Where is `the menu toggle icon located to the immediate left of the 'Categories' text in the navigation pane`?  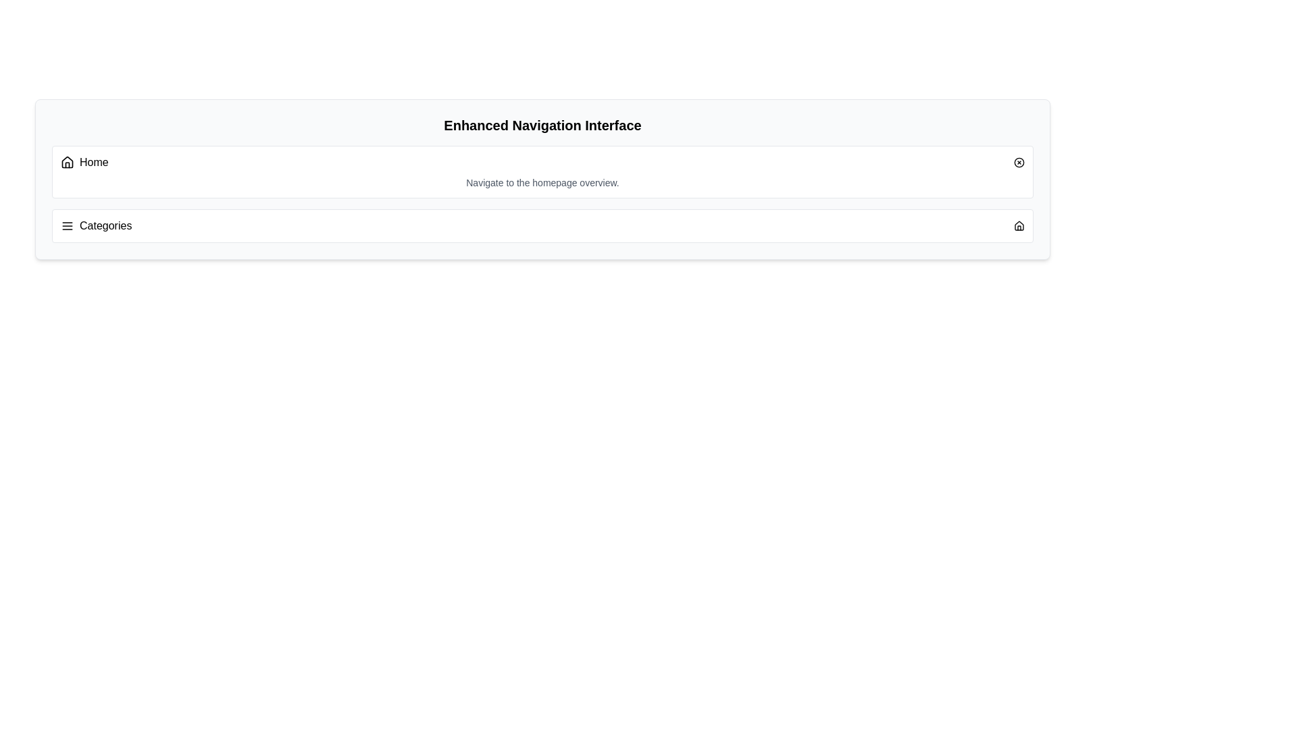 the menu toggle icon located to the immediate left of the 'Categories' text in the navigation pane is located at coordinates (67, 225).